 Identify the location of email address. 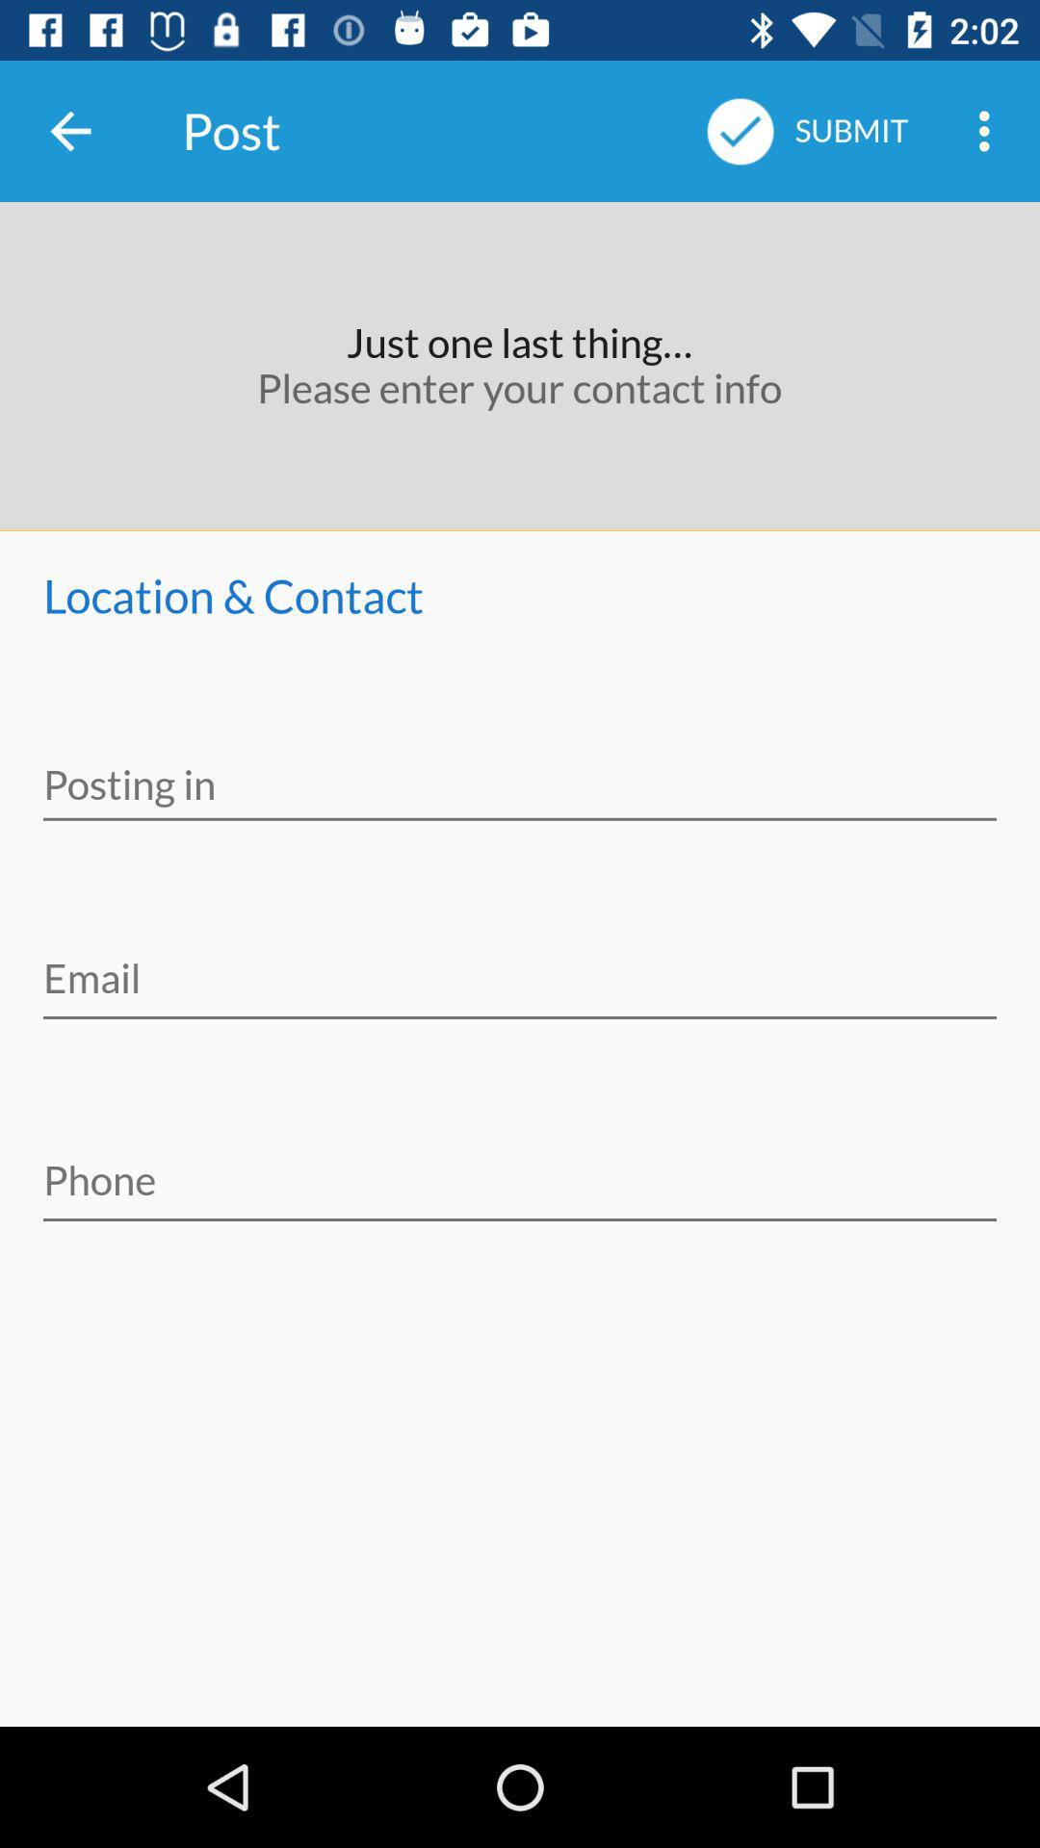
(520, 965).